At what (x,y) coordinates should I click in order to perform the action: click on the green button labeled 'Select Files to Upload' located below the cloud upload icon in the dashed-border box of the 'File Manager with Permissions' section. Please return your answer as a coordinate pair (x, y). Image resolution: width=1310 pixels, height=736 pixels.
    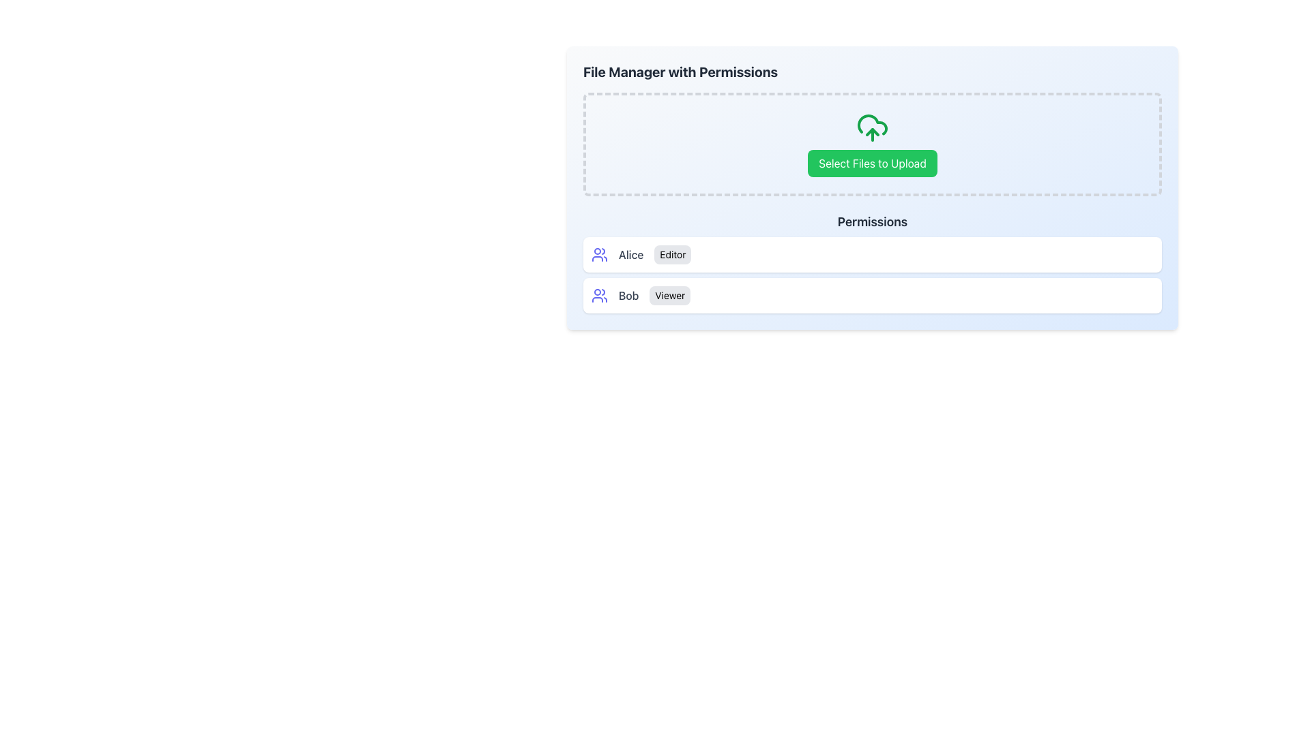
    Looking at the image, I should click on (871, 162).